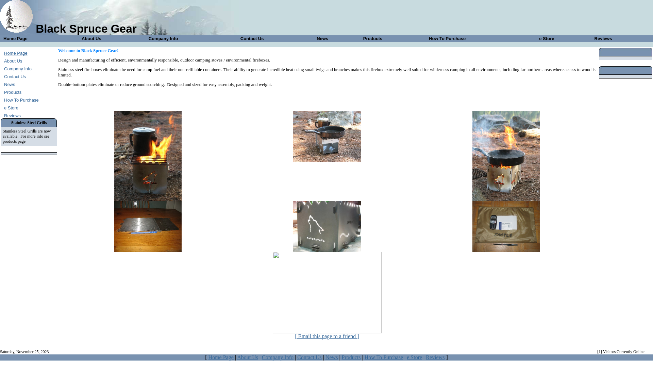 The width and height of the screenshot is (653, 367). I want to click on 'Products', so click(372, 38).